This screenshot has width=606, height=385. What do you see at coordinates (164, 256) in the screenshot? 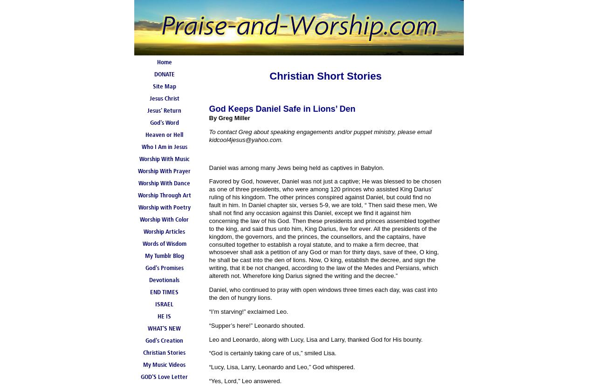
I see `'My Tumblr Blog'` at bounding box center [164, 256].